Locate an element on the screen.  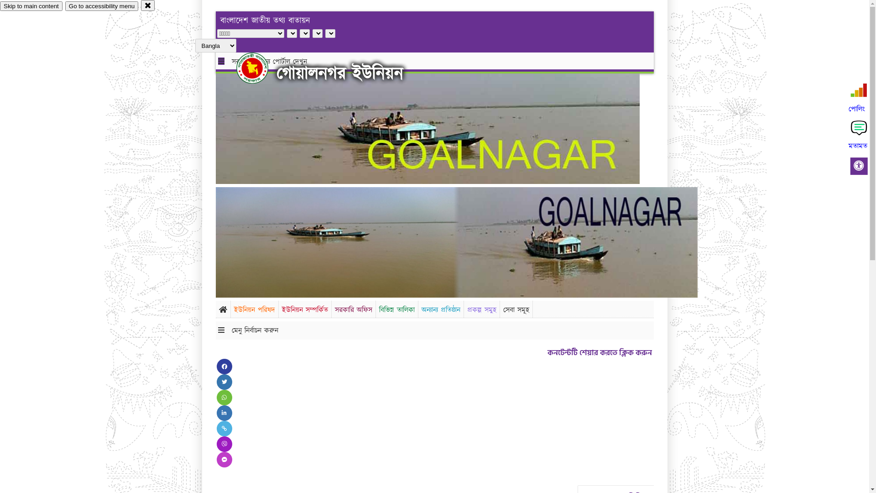
' is located at coordinates (260, 68).